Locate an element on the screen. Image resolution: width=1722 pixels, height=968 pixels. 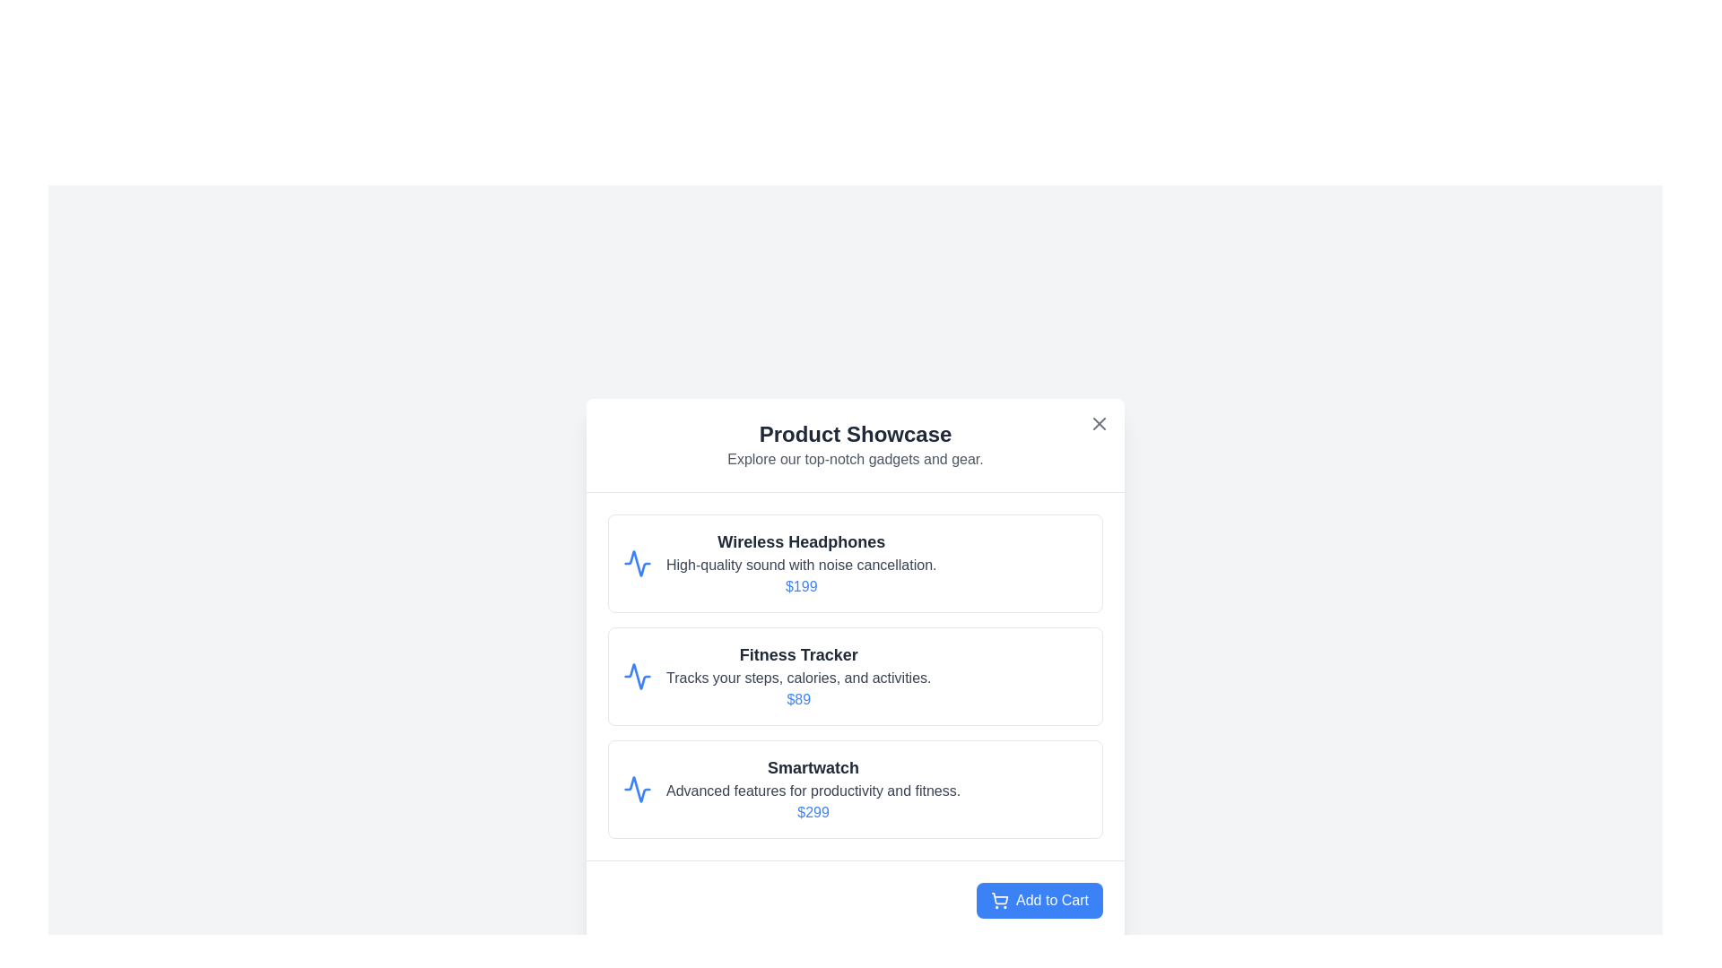
the text label indicating the product name 'Wireless Headphones' located at the top of the product listings in the 'Product Showcase' section is located at coordinates (800, 541).